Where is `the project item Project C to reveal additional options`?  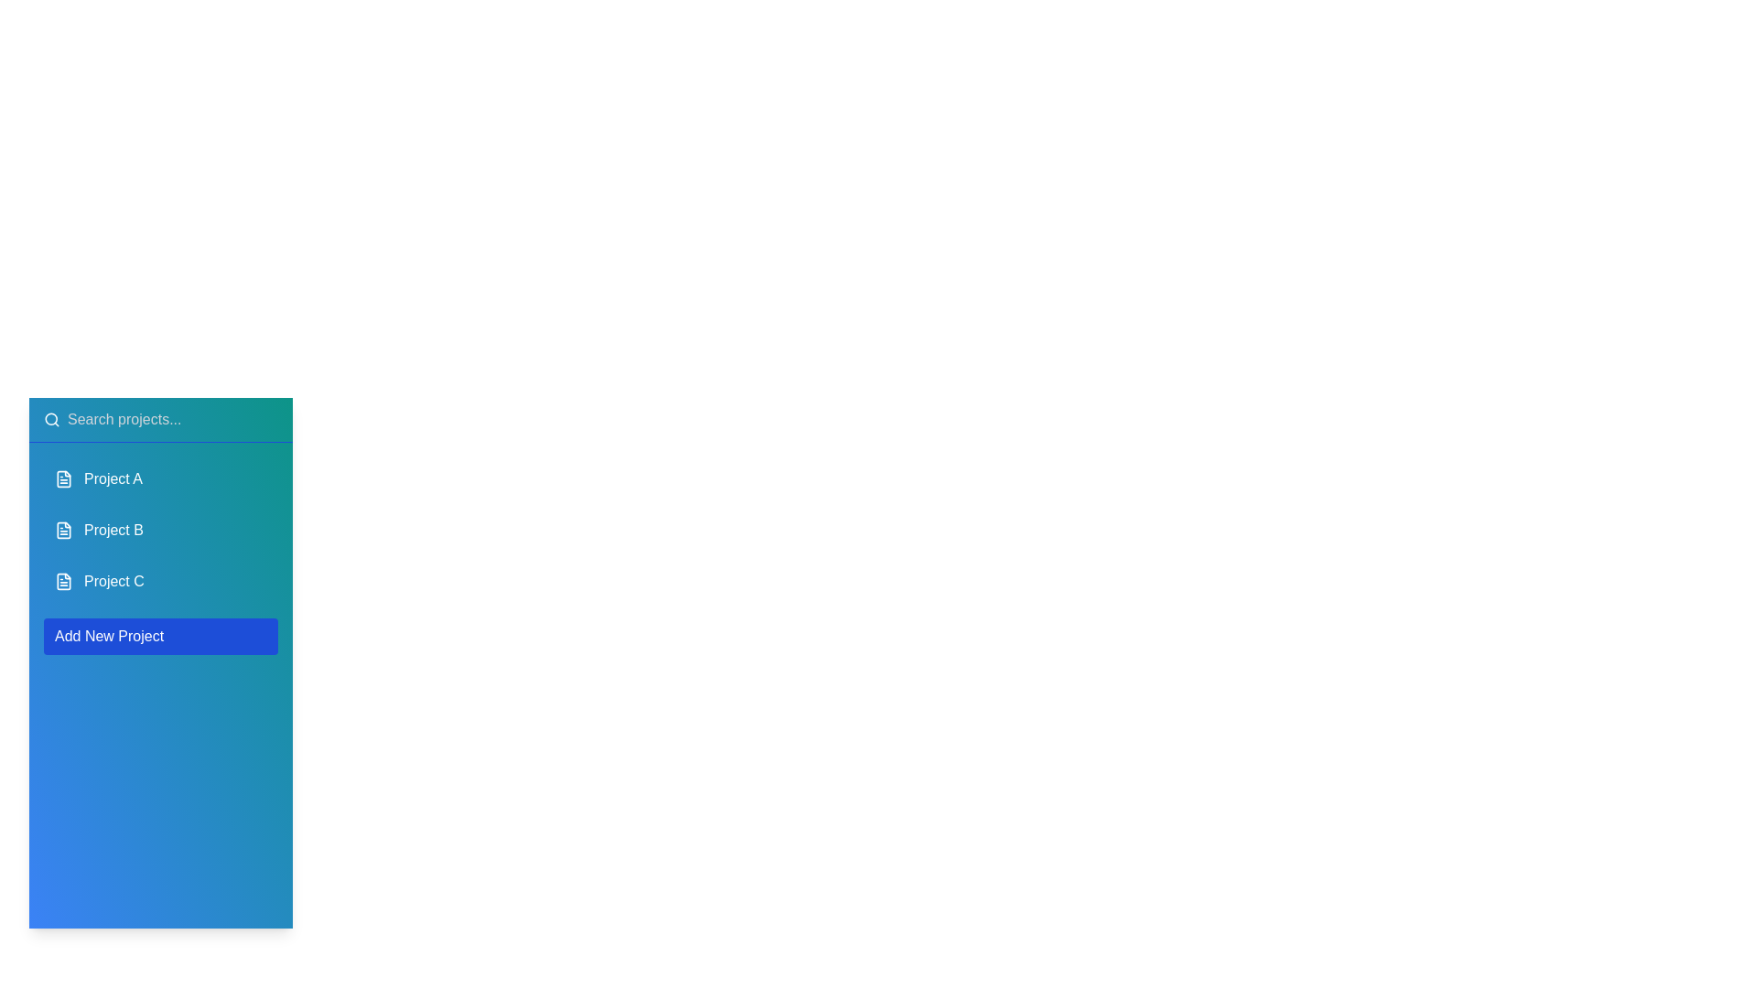 the project item Project C to reveal additional options is located at coordinates (161, 582).